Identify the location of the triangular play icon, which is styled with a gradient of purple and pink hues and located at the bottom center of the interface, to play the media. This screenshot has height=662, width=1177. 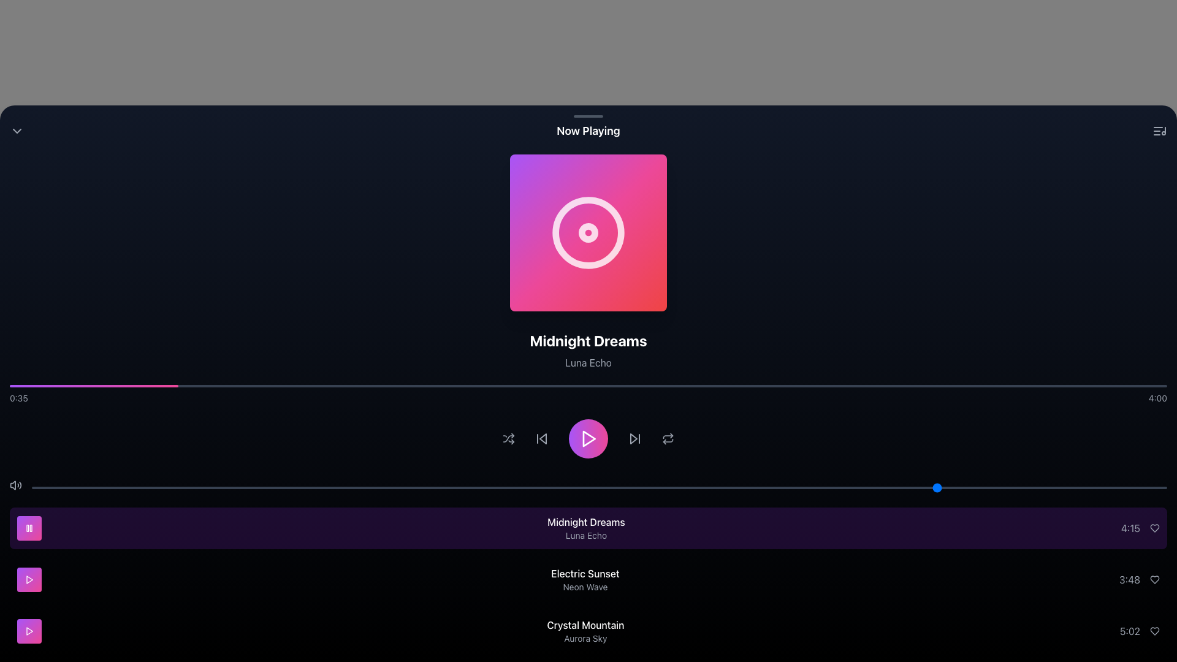
(589, 438).